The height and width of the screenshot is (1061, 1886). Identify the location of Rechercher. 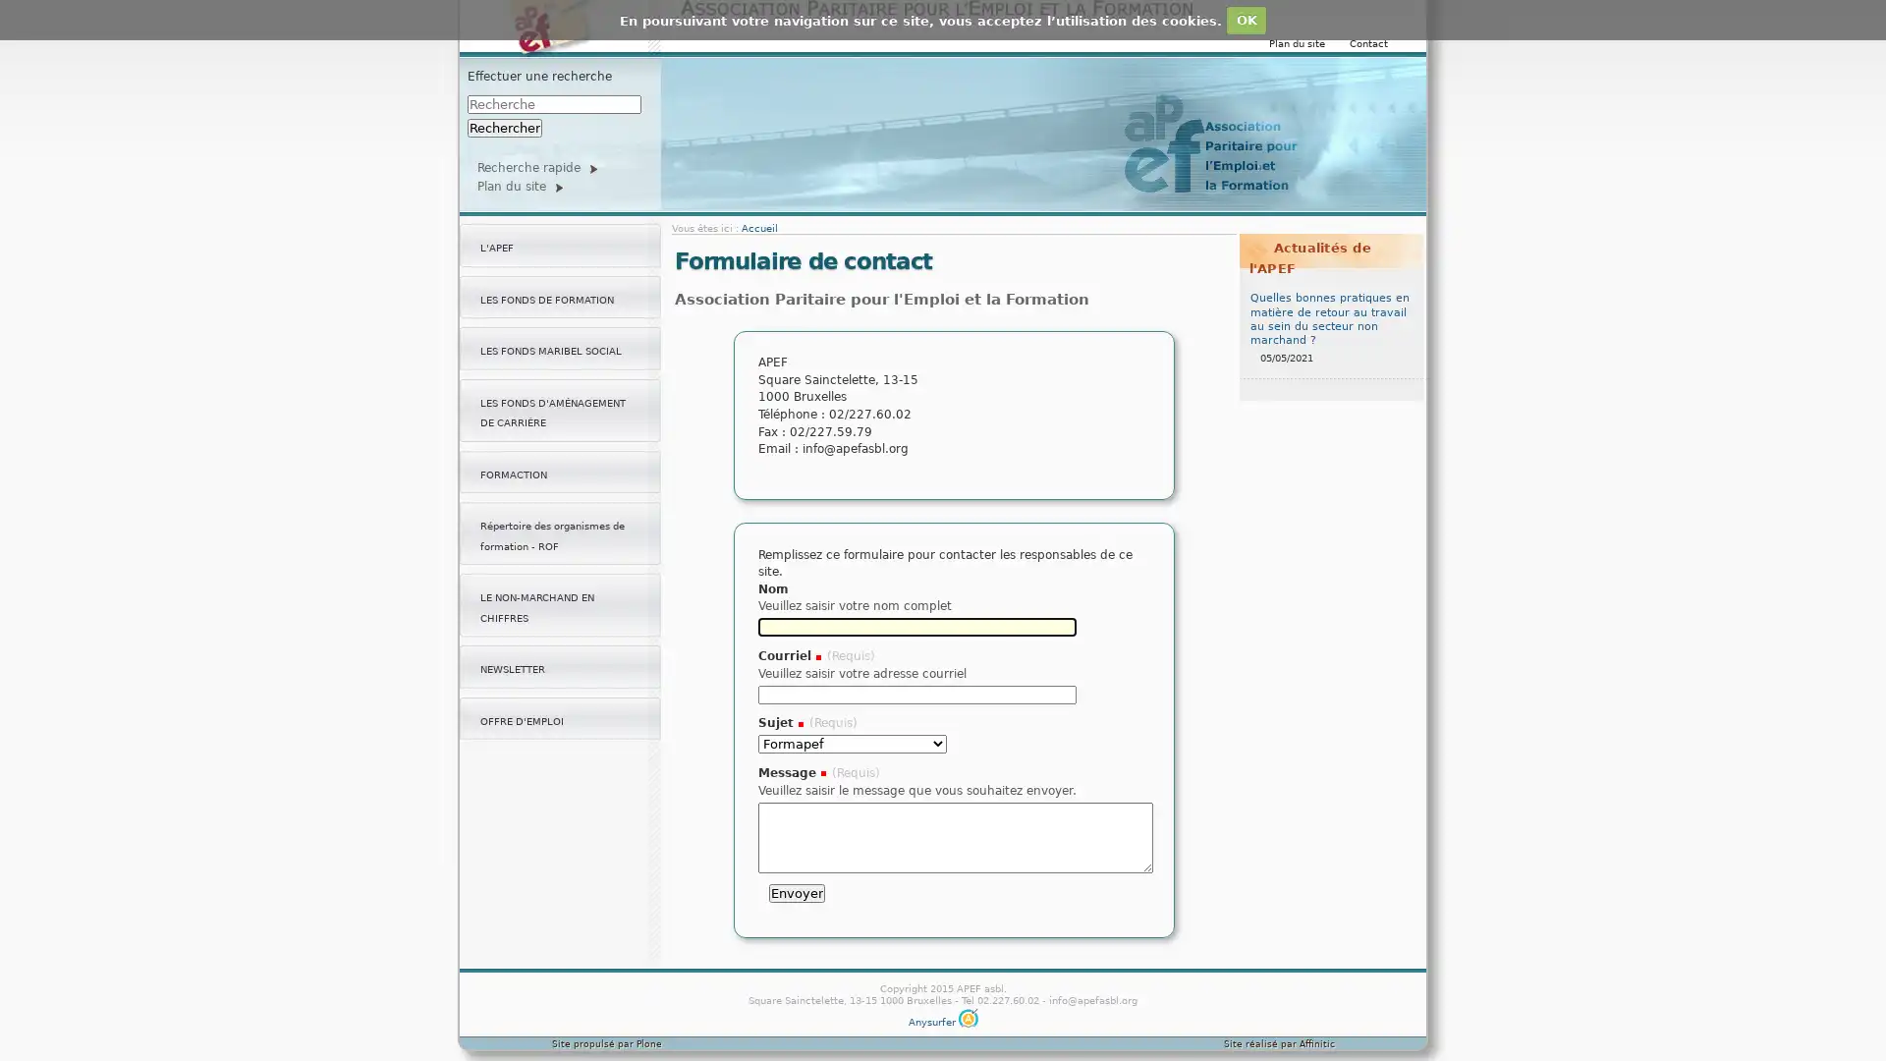
(504, 128).